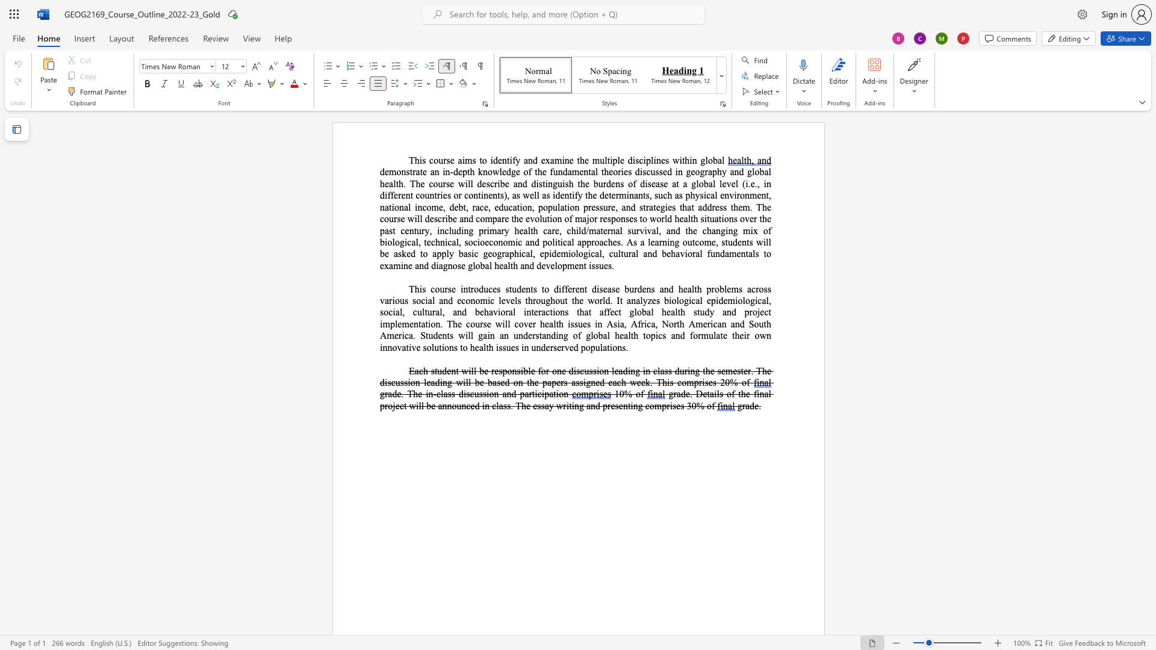 This screenshot has height=650, width=1156. What do you see at coordinates (595, 242) in the screenshot?
I see `the space between the continuous character "r" and "o" in the text` at bounding box center [595, 242].